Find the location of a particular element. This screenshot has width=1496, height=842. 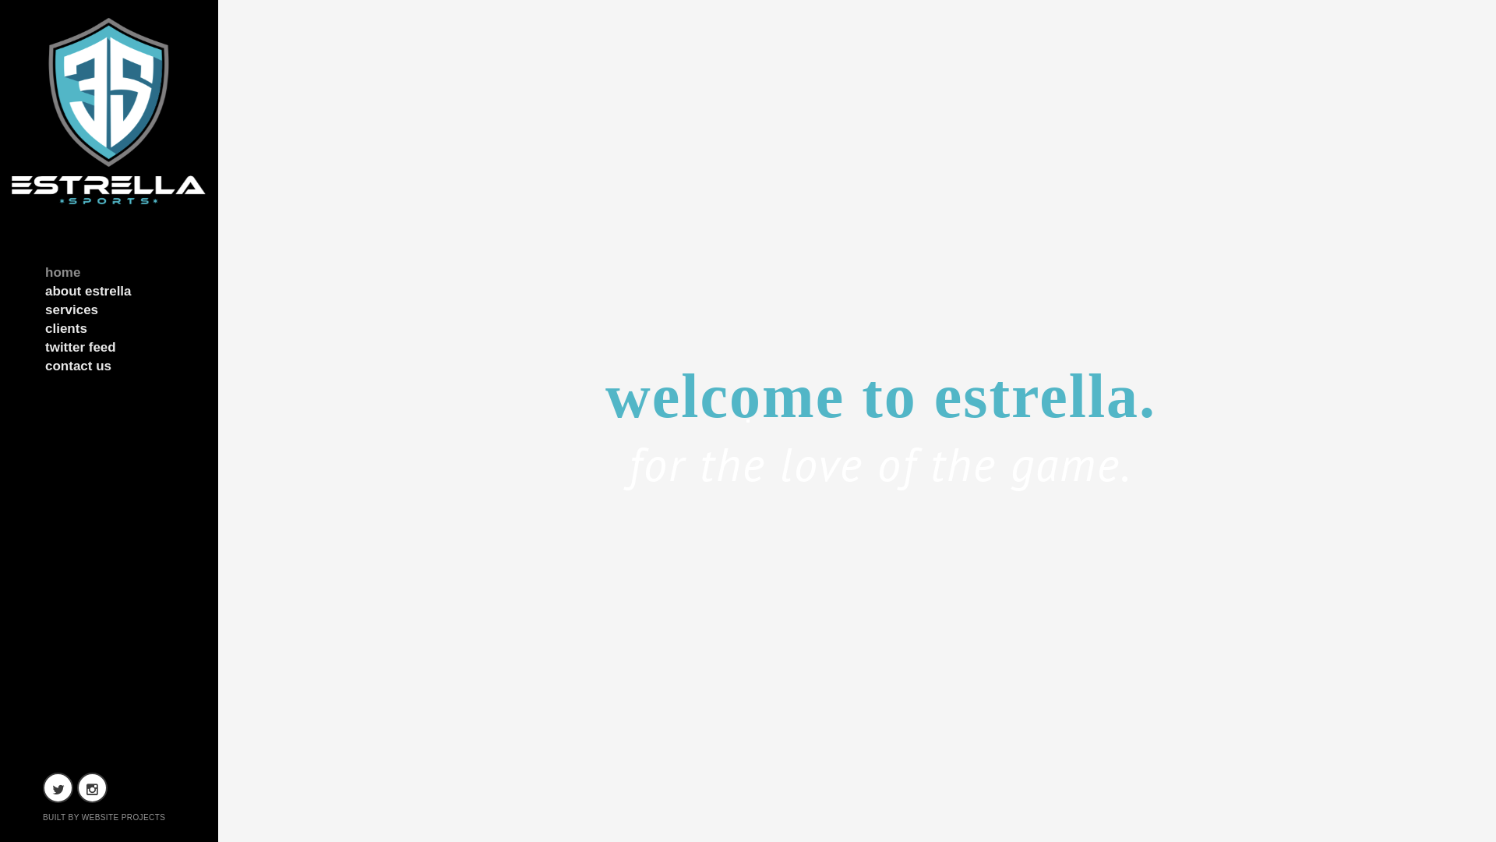

'clients' is located at coordinates (44, 331).